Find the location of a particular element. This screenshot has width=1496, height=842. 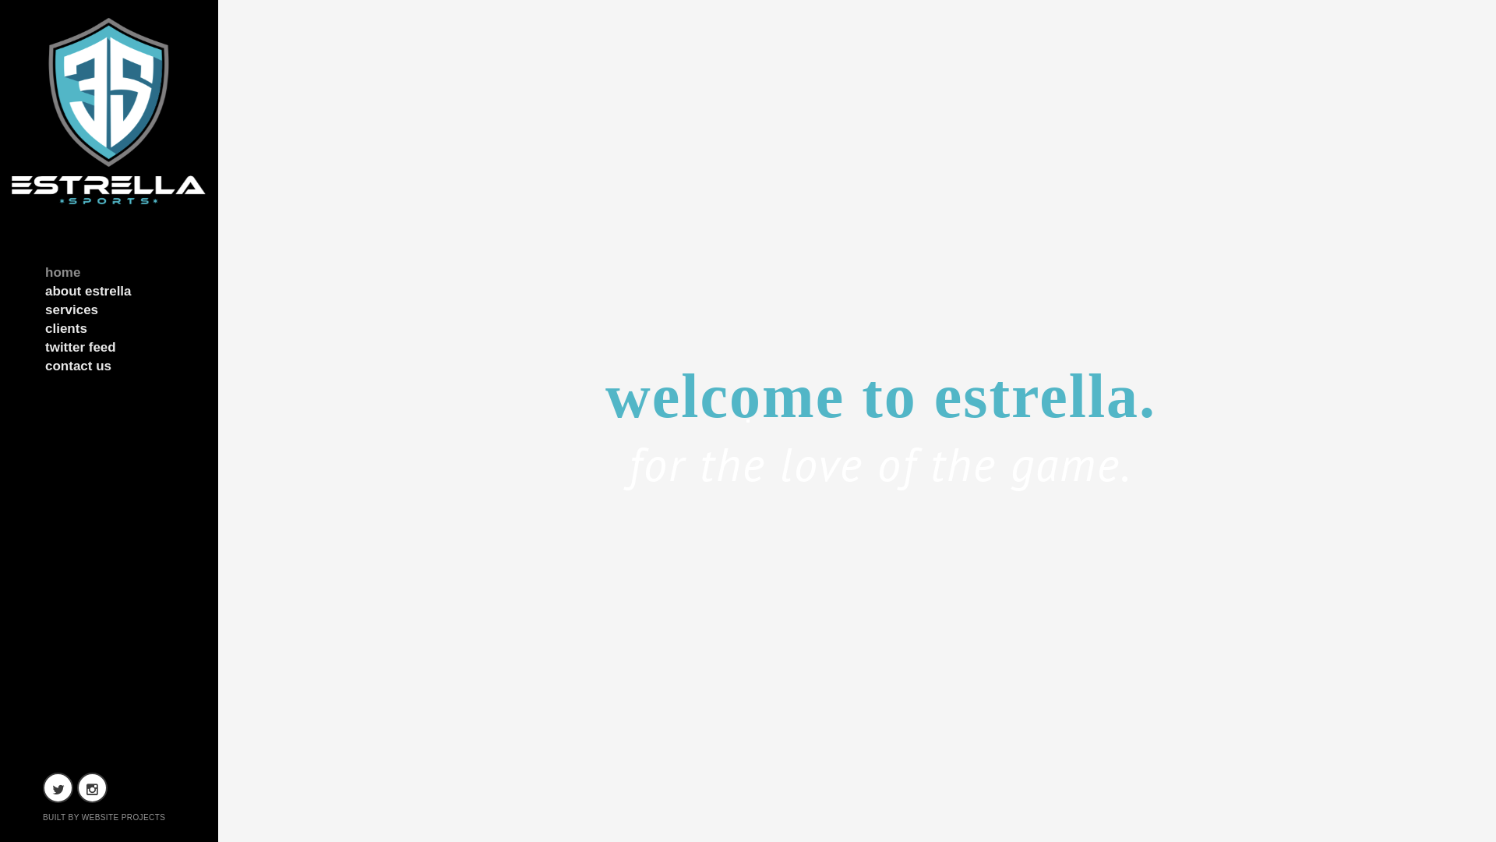

'clients' is located at coordinates (44, 331).